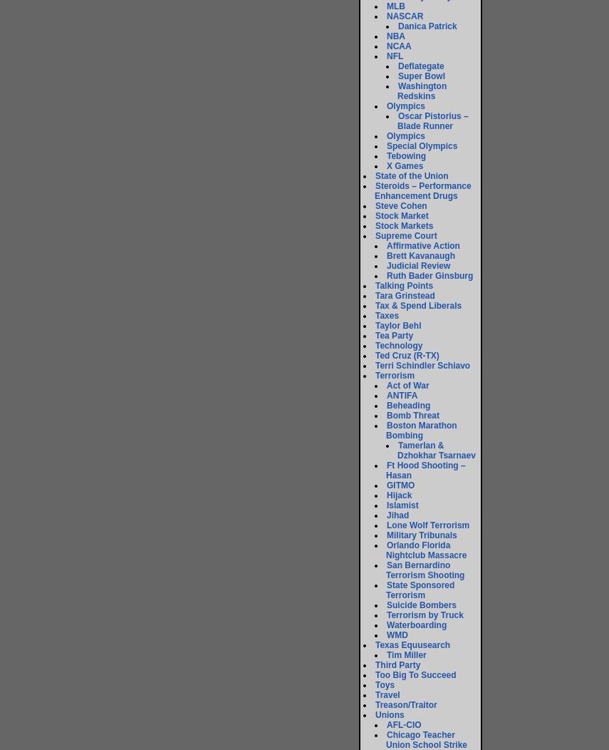  I want to click on 'Taylor Behl', so click(375, 325).